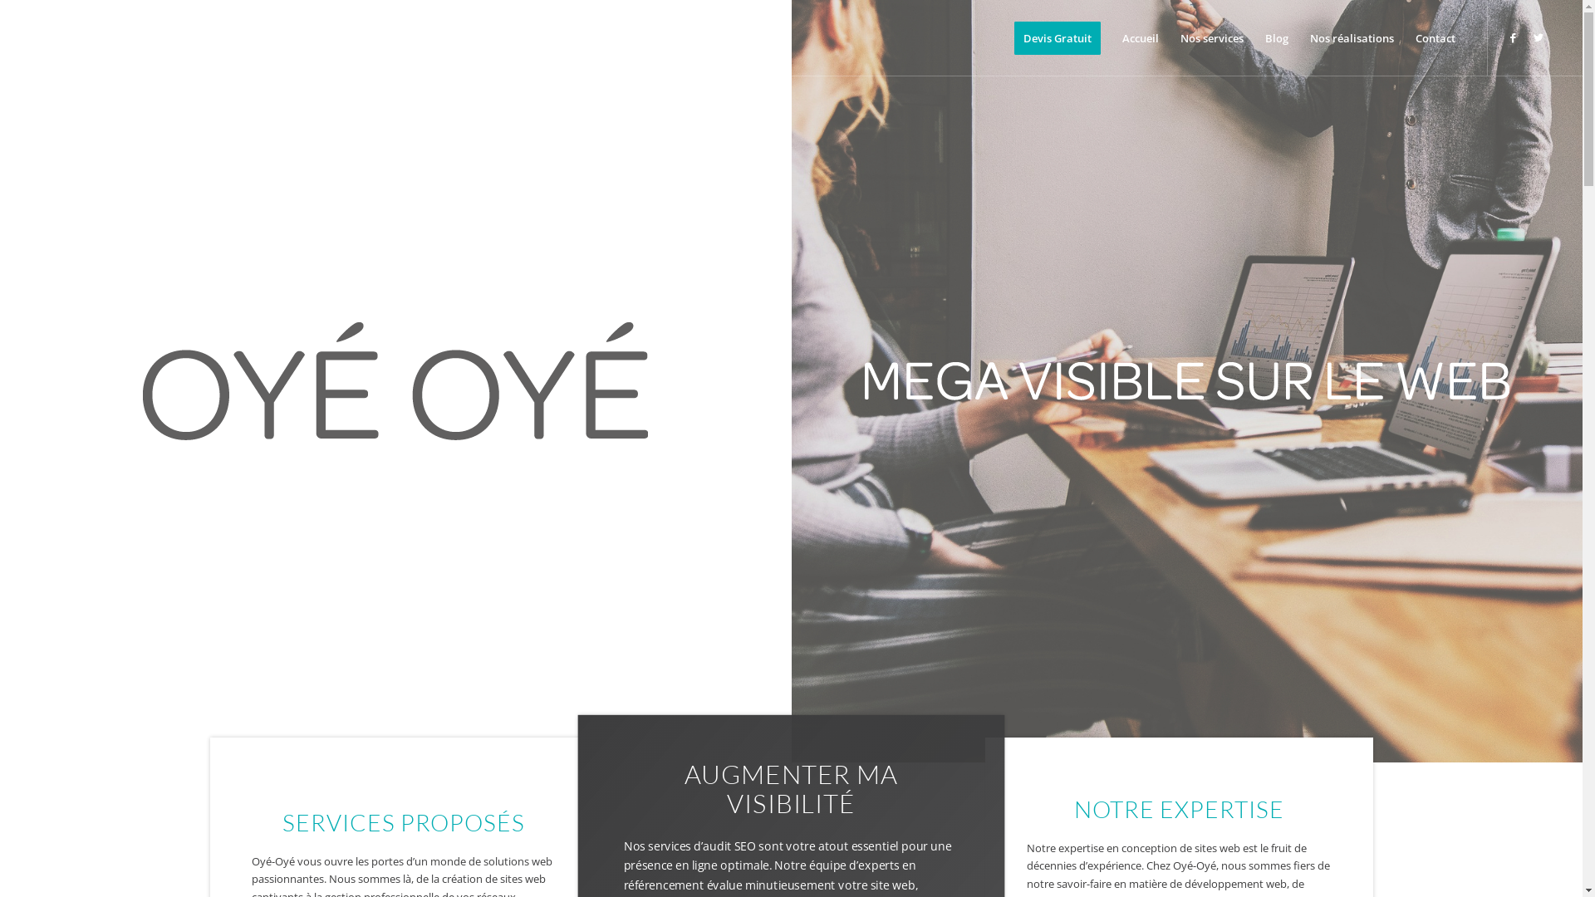  What do you see at coordinates (1275, 37) in the screenshot?
I see `'Blog'` at bounding box center [1275, 37].